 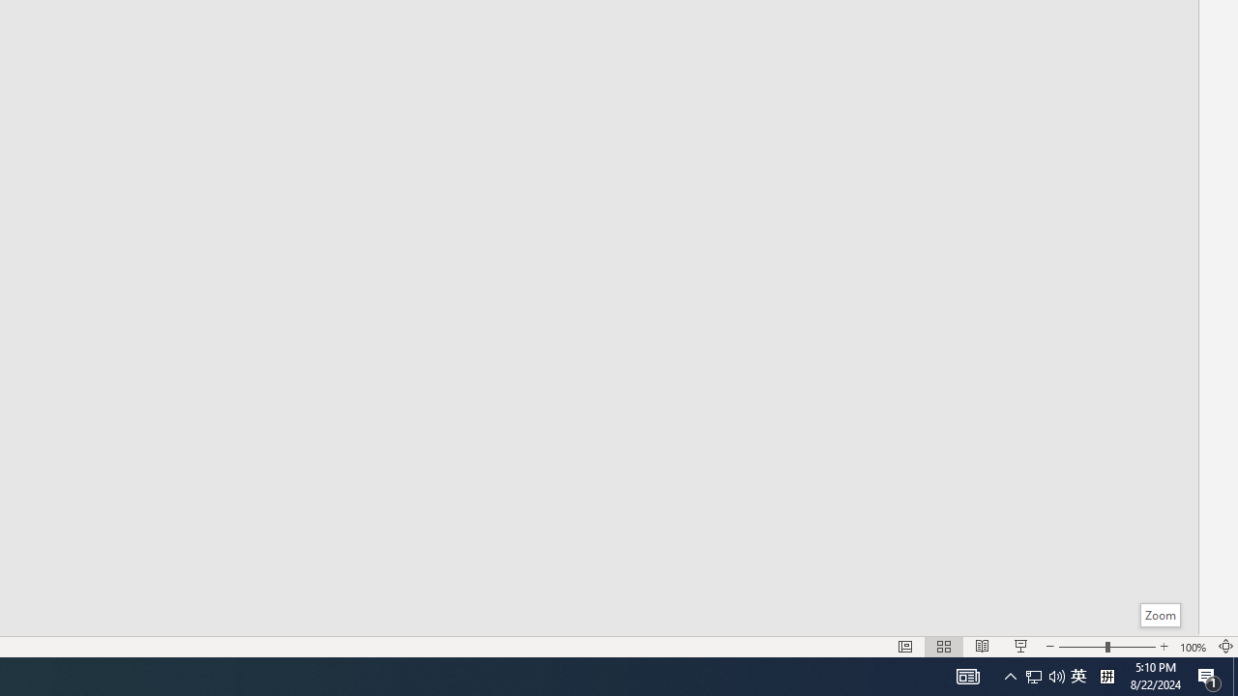 I want to click on 'Zoom 100%', so click(x=1193, y=647).